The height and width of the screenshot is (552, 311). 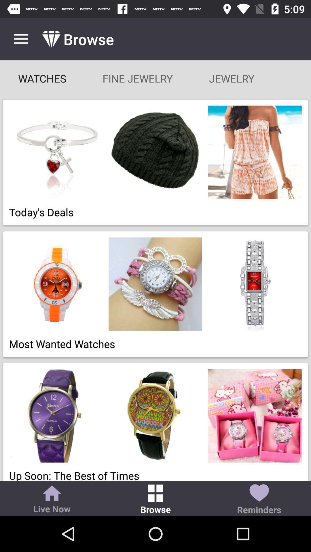 I want to click on icon below up soon the item, so click(x=52, y=500).